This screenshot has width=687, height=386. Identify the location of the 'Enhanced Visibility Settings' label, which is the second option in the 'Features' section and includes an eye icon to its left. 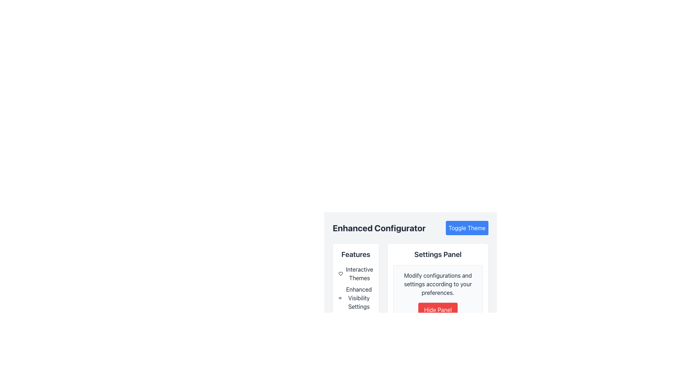
(356, 298).